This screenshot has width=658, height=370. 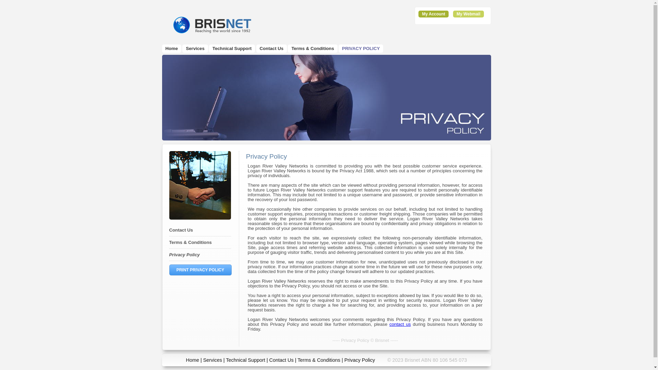 I want to click on 'PRINT PRIVACY POLICY', so click(x=200, y=269).